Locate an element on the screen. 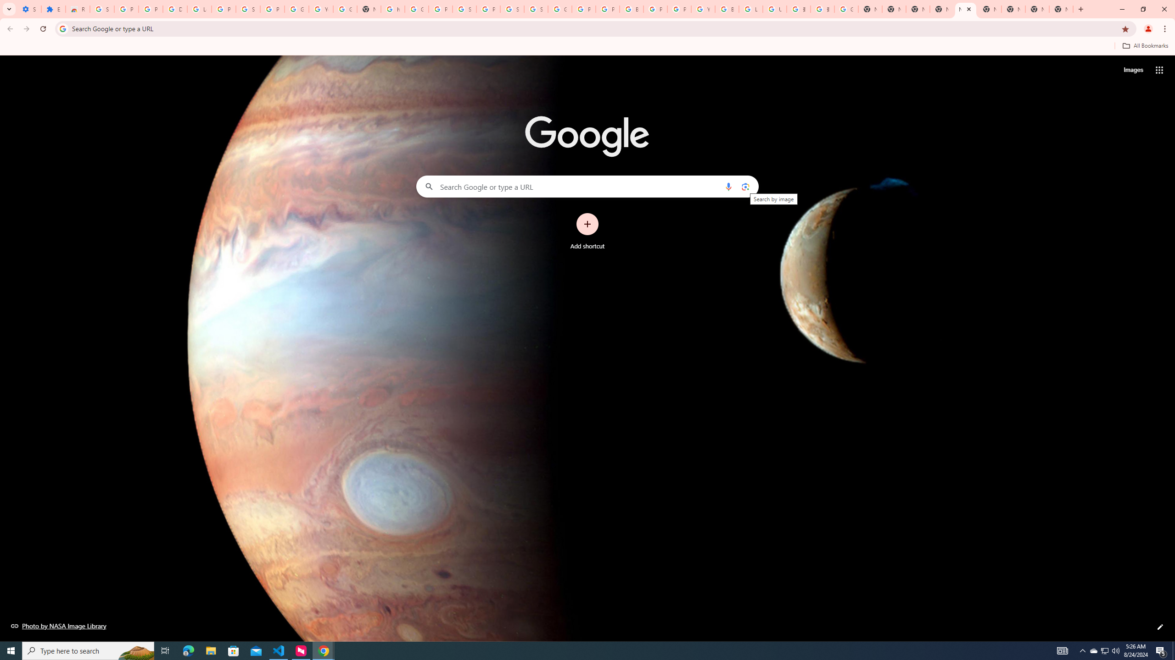 This screenshot has width=1175, height=660. 'Search icon' is located at coordinates (62, 28).